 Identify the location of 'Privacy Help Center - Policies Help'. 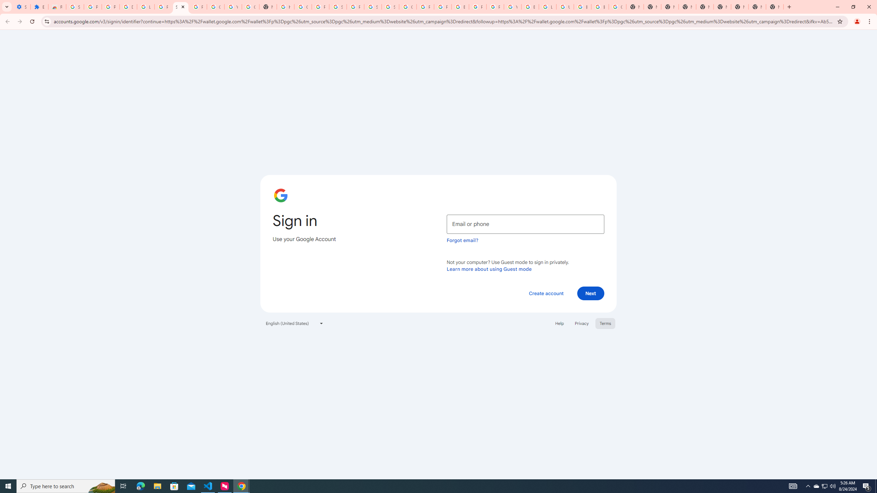
(424, 7).